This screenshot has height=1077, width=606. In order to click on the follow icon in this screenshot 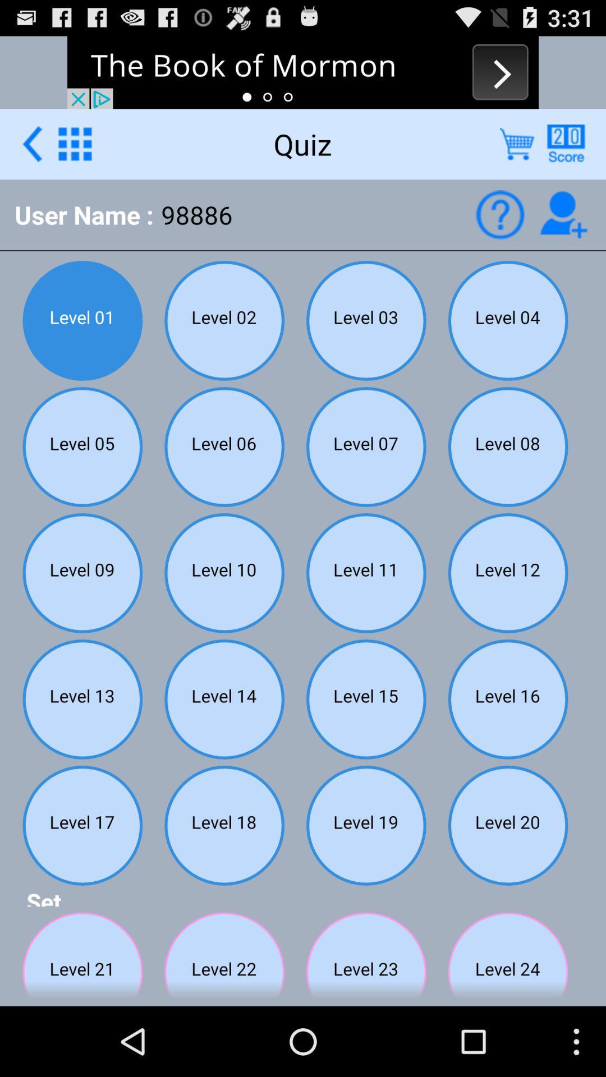, I will do `click(563, 229)`.